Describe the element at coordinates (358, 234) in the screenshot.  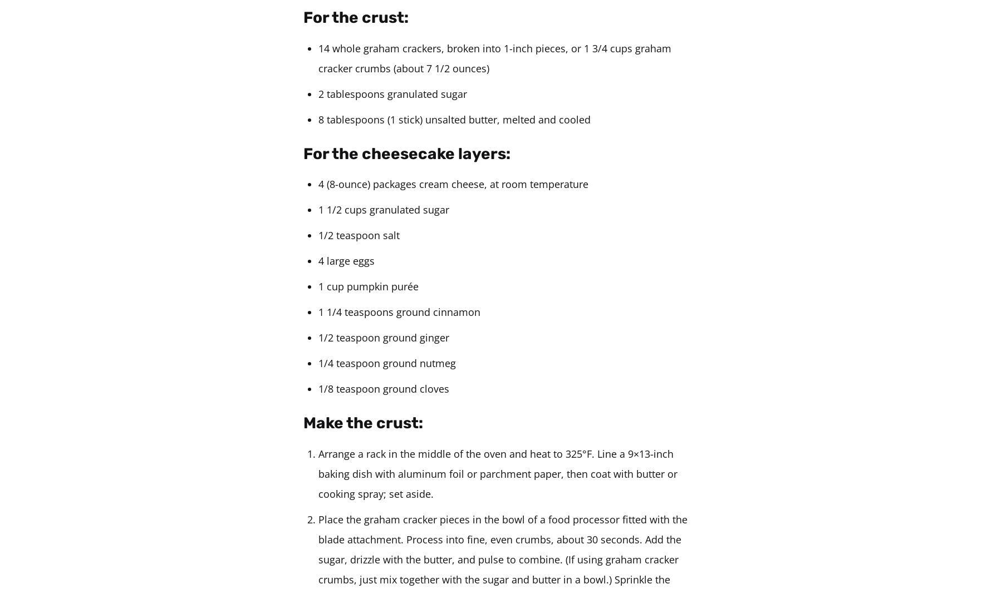
I see `'1/2 teaspoon salt'` at that location.